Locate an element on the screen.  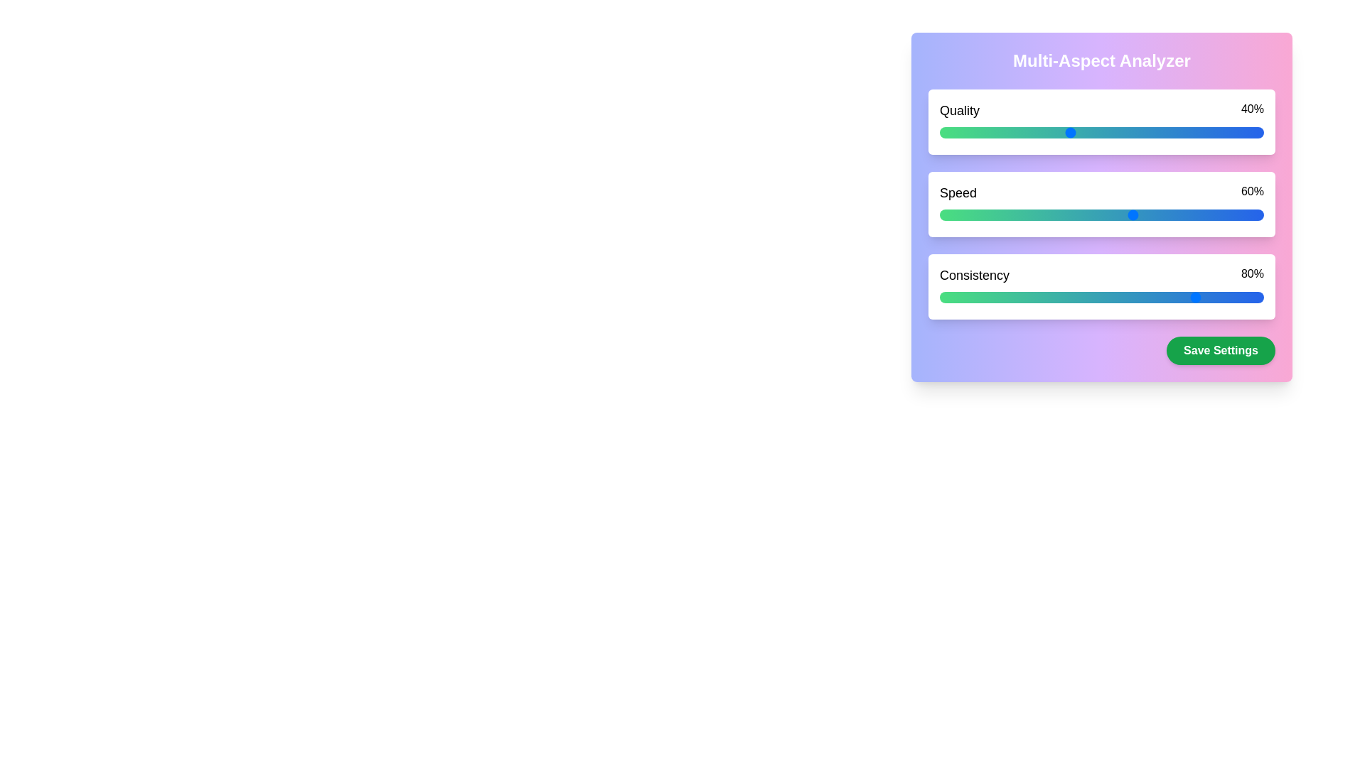
the Slider Component for the 'Speed' attribute, which is visually represented at 60% along a gradient scale and is located beneath the 'Quality' block in the 'Multi-Aspect Analyzer' section is located at coordinates (1101, 205).